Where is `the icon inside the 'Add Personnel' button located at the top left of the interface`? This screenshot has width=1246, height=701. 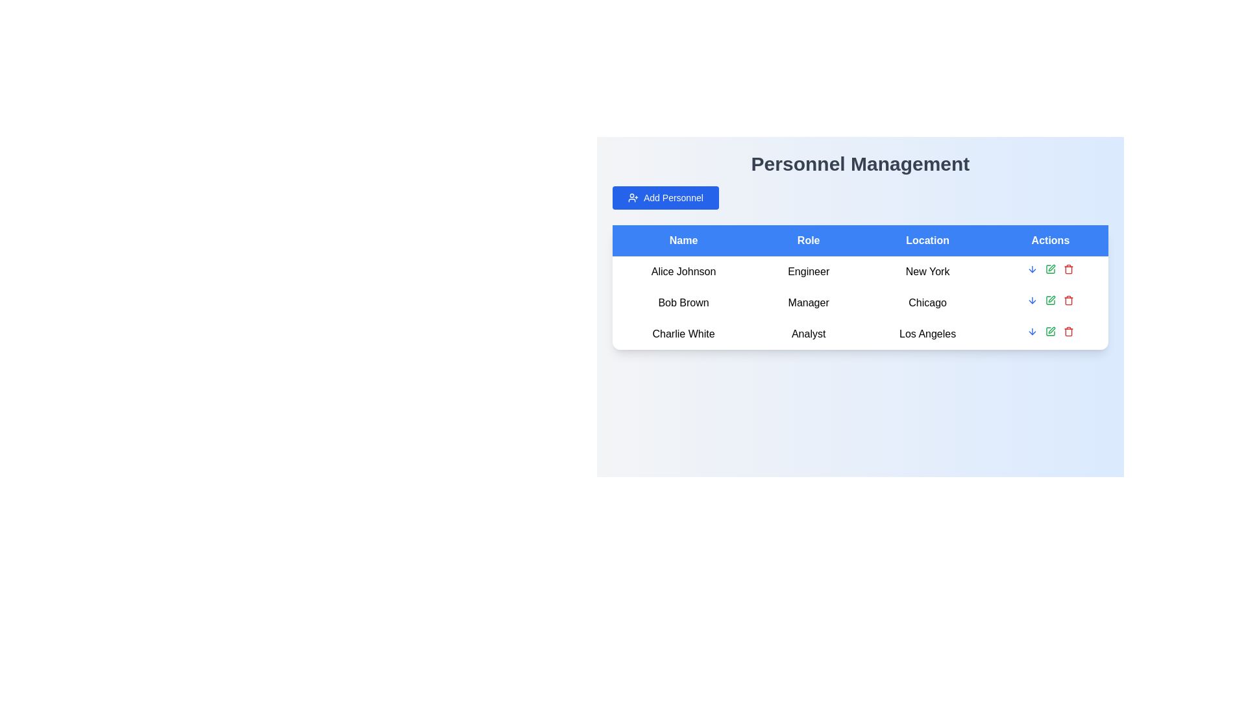
the icon inside the 'Add Personnel' button located at the top left of the interface is located at coordinates (633, 197).